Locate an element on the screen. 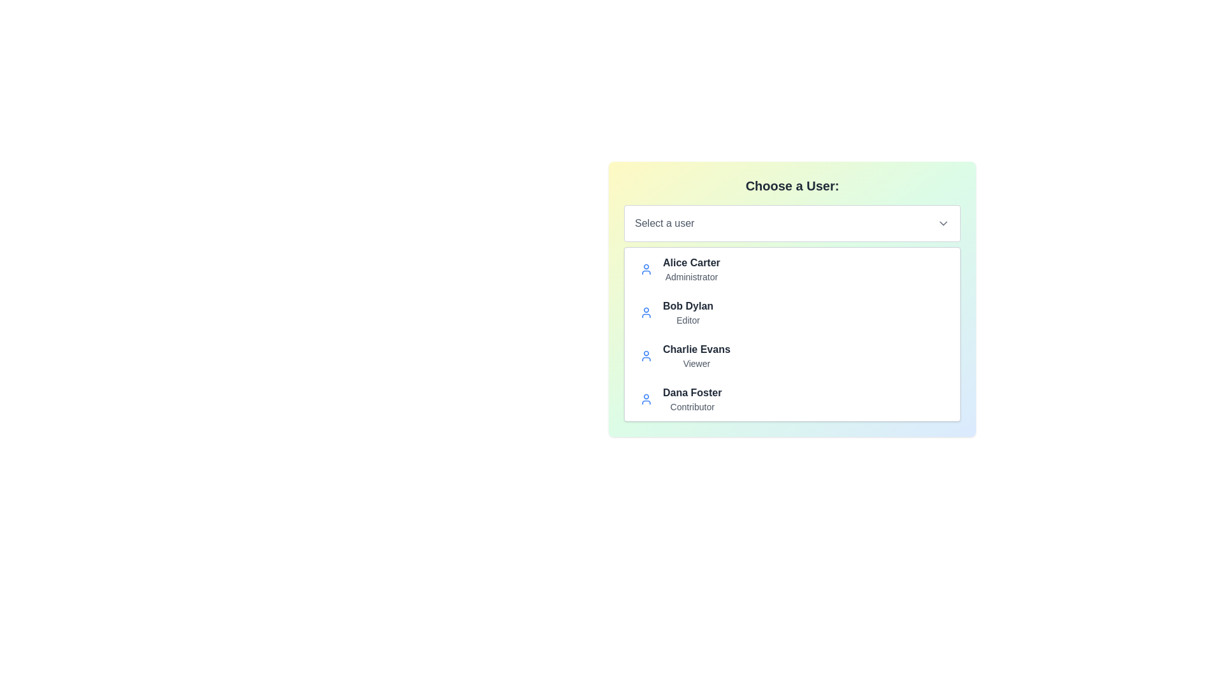  the user icon representing 'Dana Foster', which is the first visual element in the row associated with the name, positioned to the left of the text 'Dana Foster' and 'Contributor' is located at coordinates (646, 399).